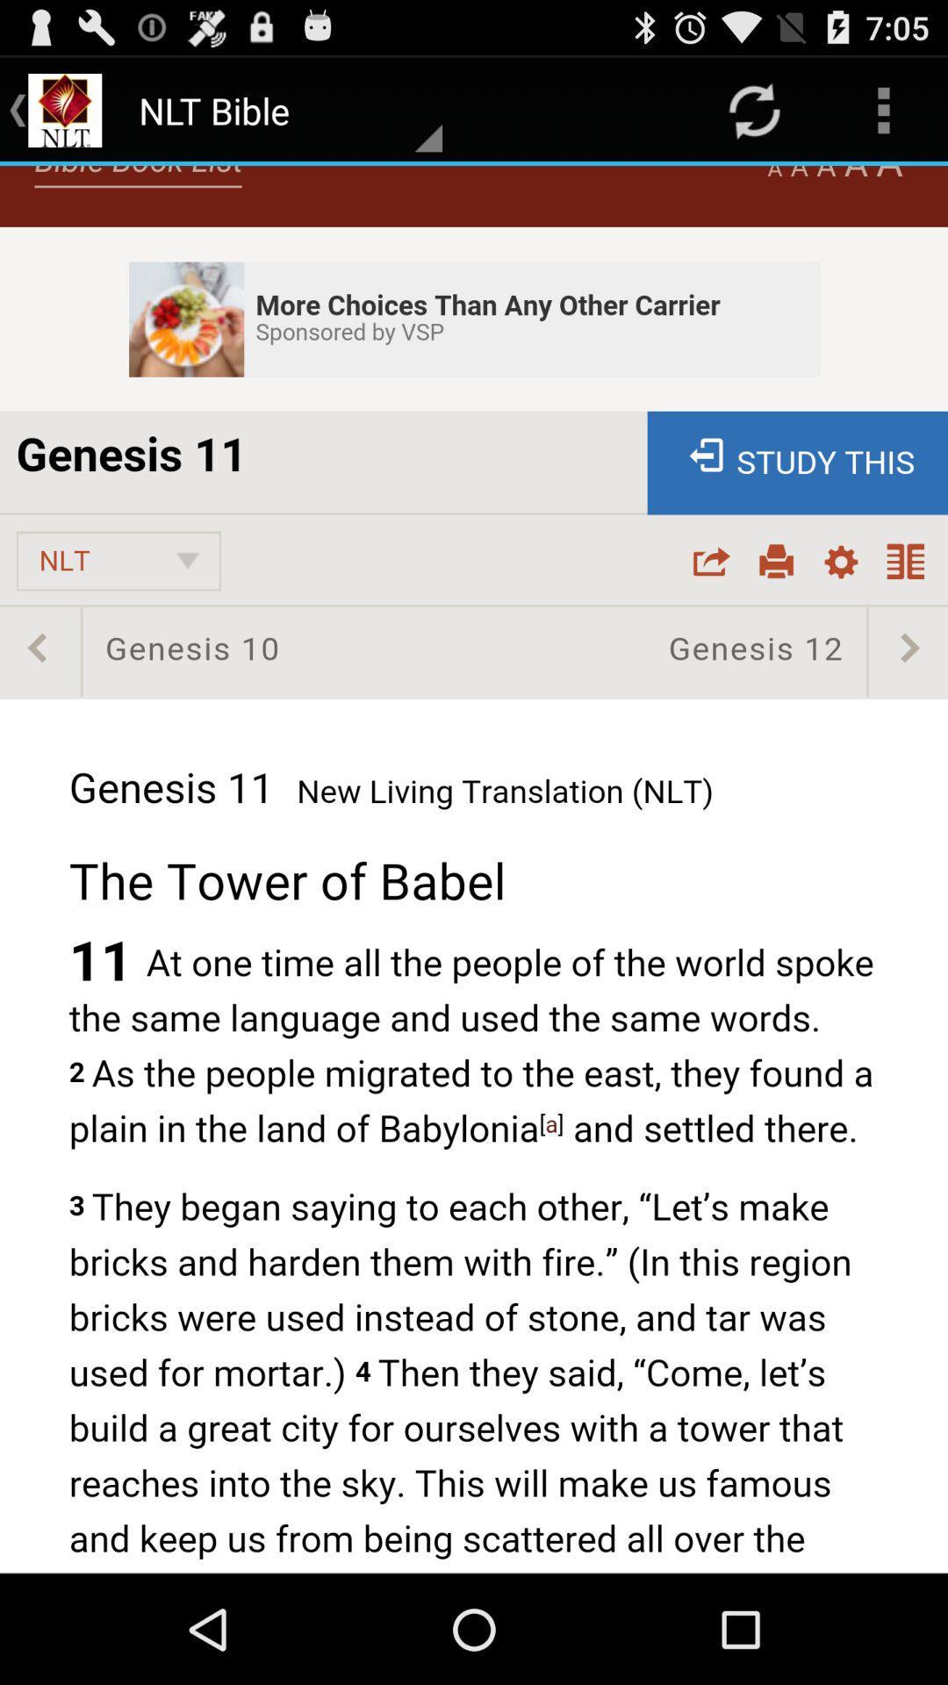 This screenshot has height=1685, width=948. Describe the element at coordinates (474, 869) in the screenshot. I see `link` at that location.